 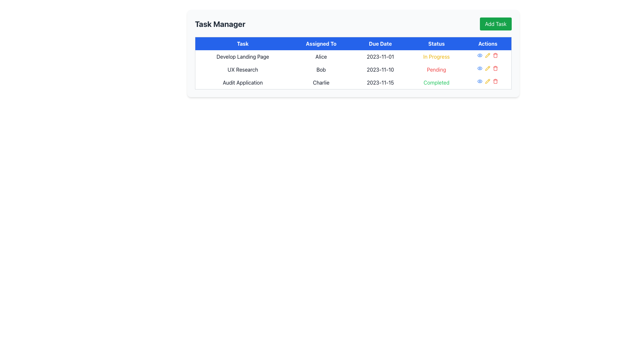 What do you see at coordinates (488, 68) in the screenshot?
I see `the pencil icon in the 'Actions' column of the 'UX Research' task assigned to 'Bob' to initiate editing the task` at bounding box center [488, 68].